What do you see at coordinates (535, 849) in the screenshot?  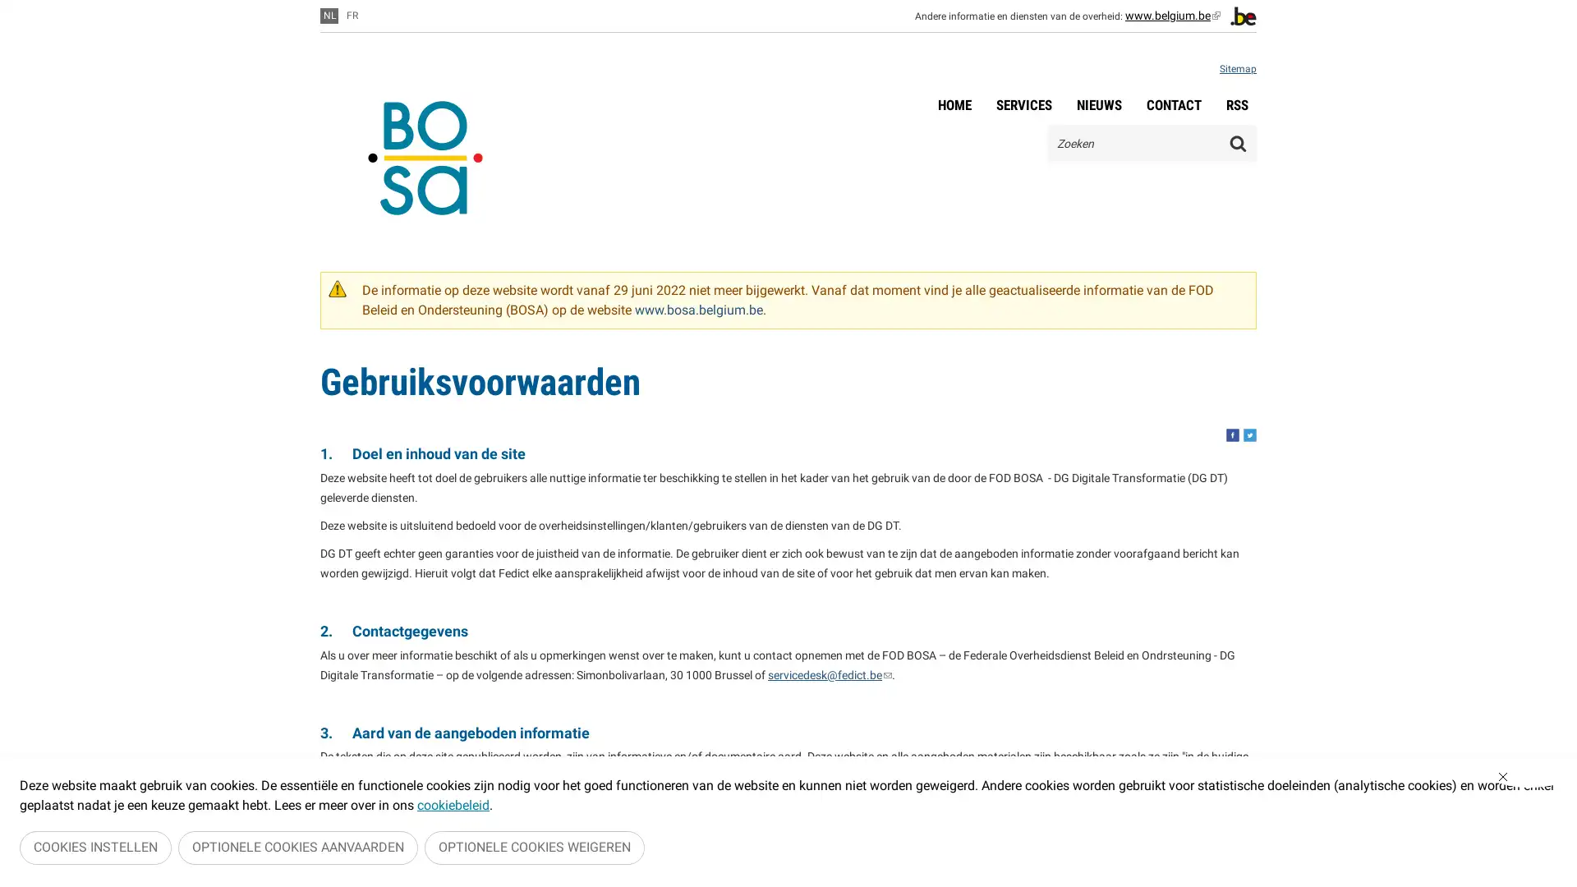 I see `OPTIONELE COOKIES WEIGEREN` at bounding box center [535, 849].